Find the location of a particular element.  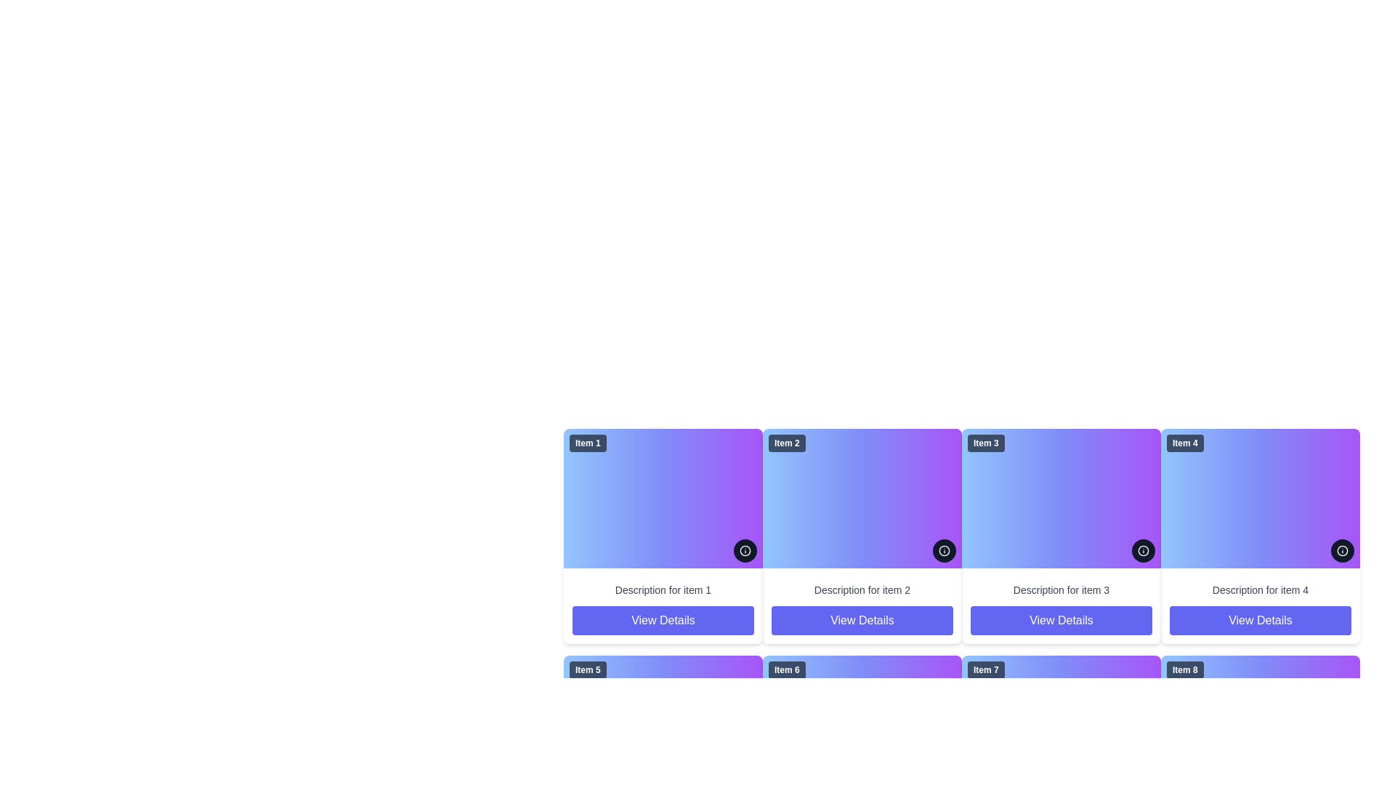

the circular SVG graphic icon located in the bottom-right corner of the card labeled 'Item 4' is located at coordinates (1342, 551).